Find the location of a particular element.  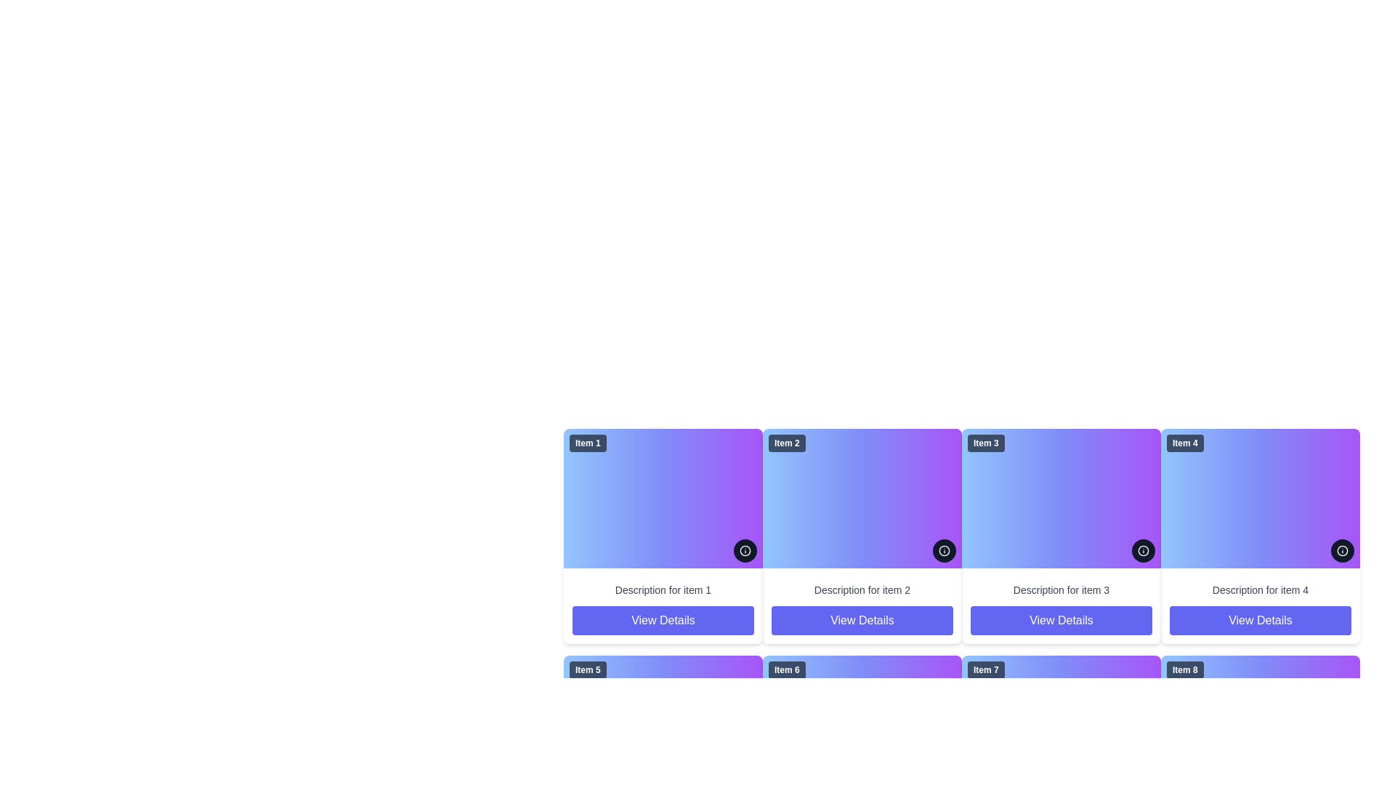

the circular SVG graphic icon located in the bottom-right corner of the card labeled 'Item 4' is located at coordinates (1342, 551).